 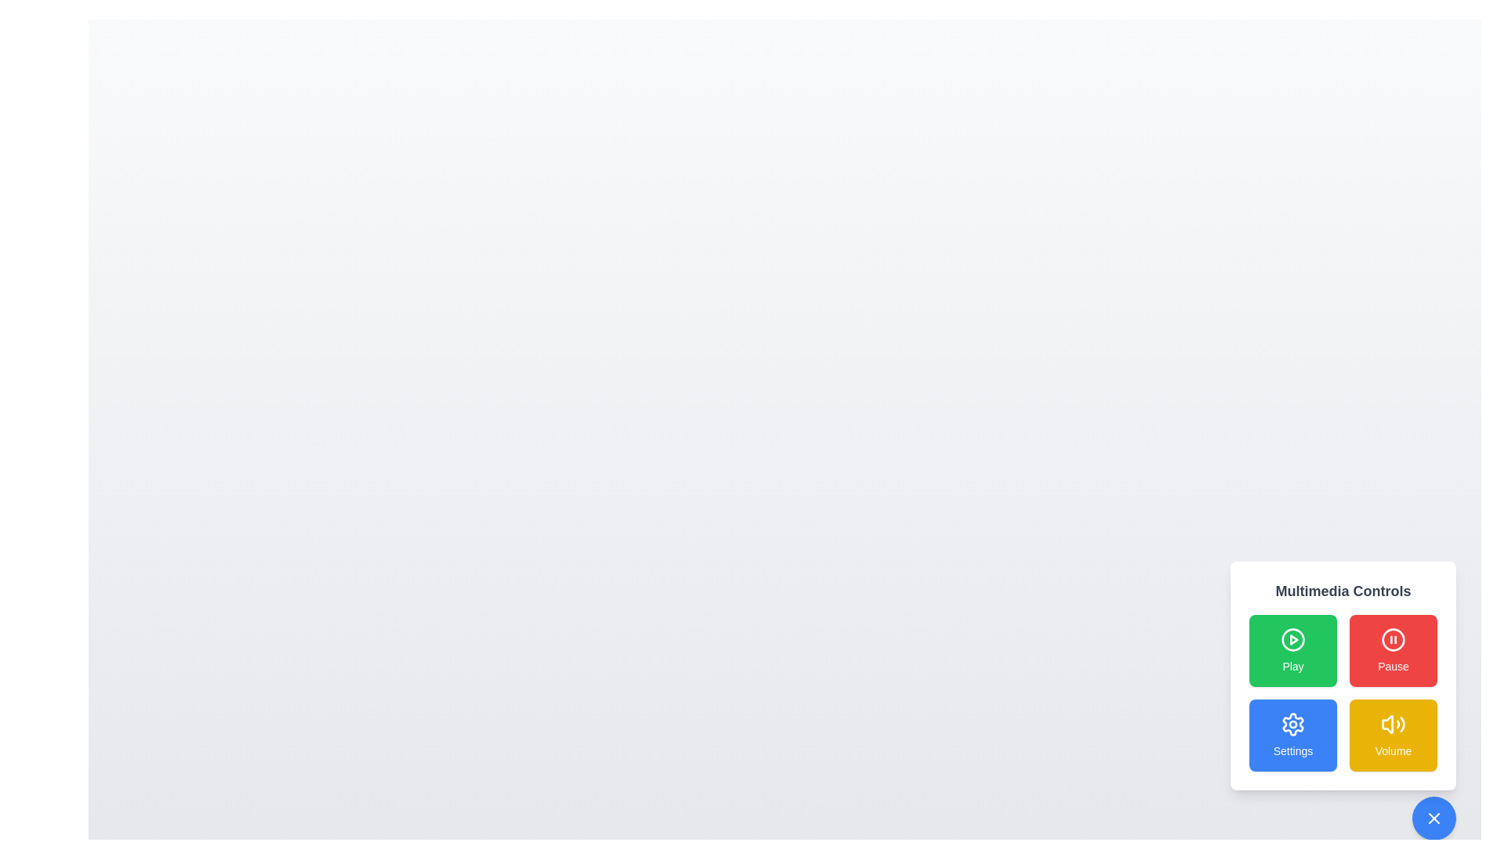 What do you see at coordinates (1433, 818) in the screenshot?
I see `the close or dismiss button located` at bounding box center [1433, 818].